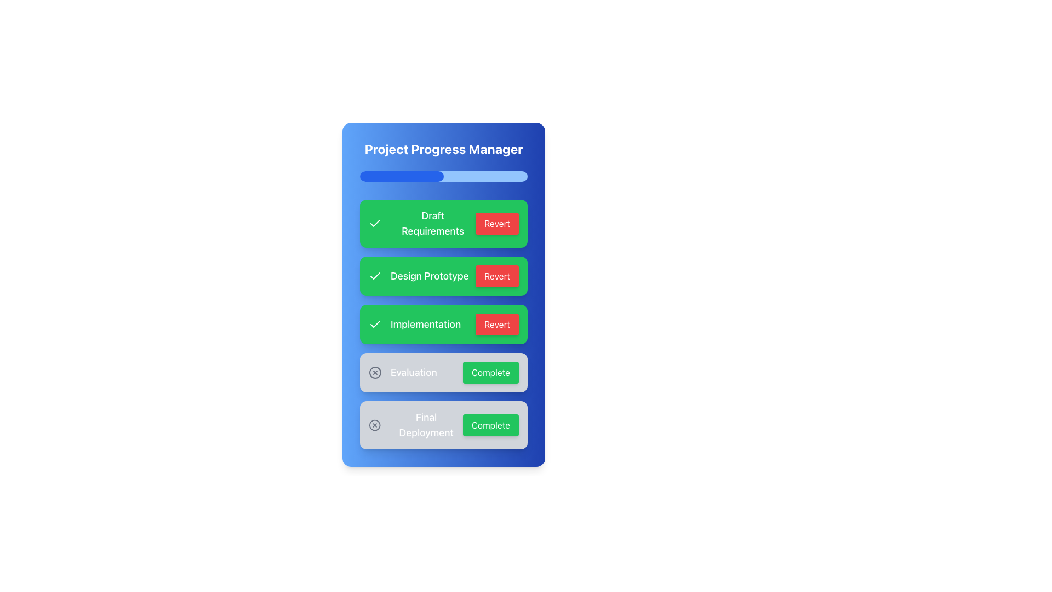 This screenshot has width=1052, height=592. I want to click on the 'Draft Requirements' text label that indicates the current step in the project progress interface, located at the top of the green tiles section, so click(421, 223).